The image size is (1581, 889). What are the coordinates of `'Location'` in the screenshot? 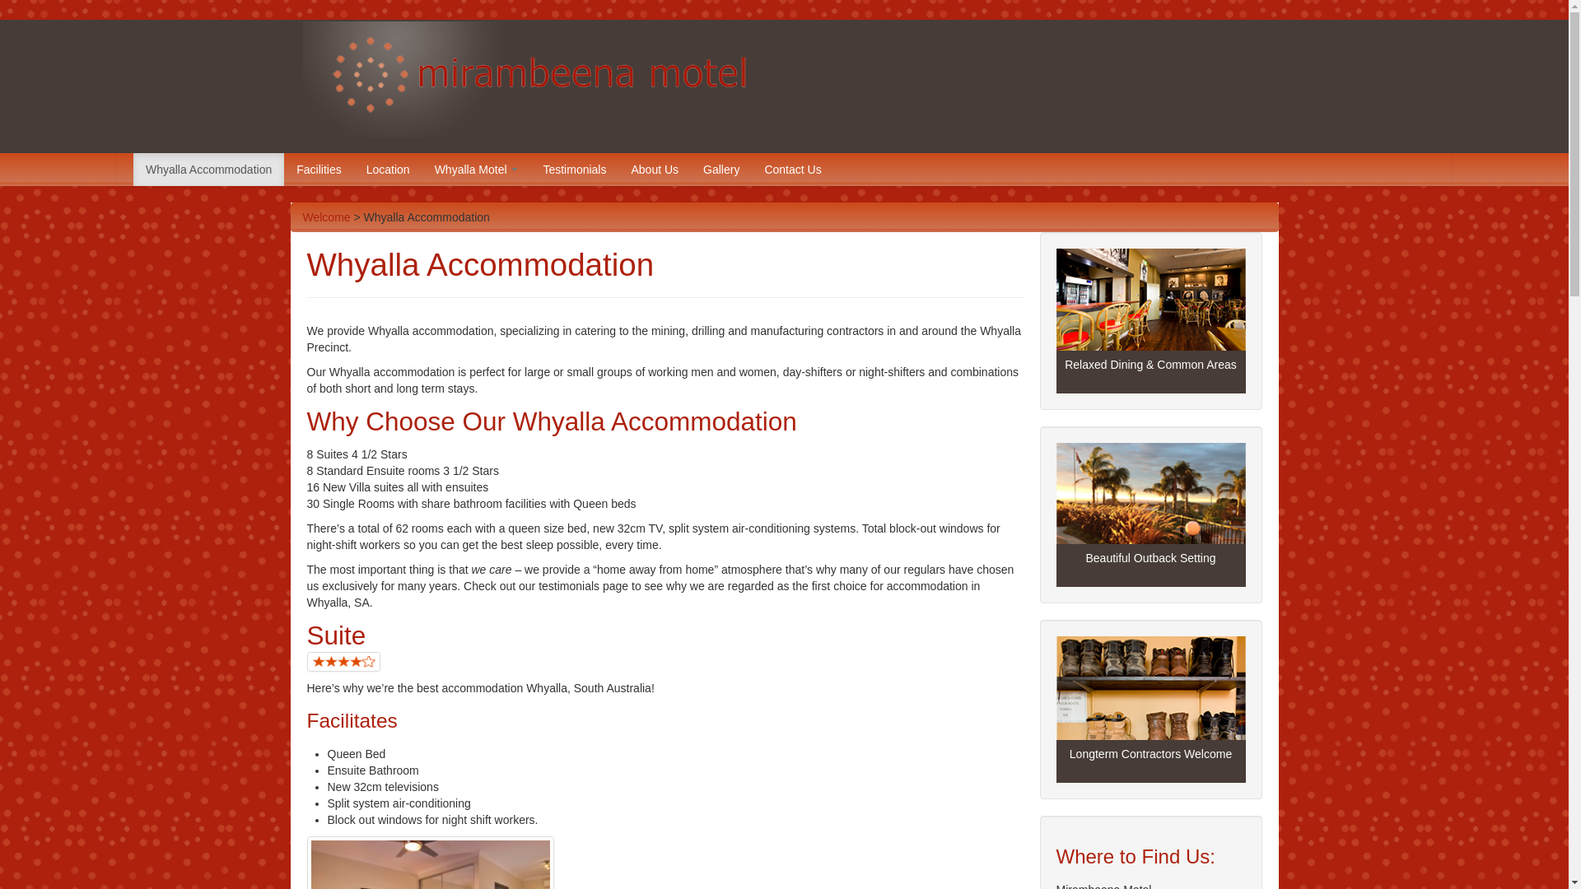 It's located at (387, 169).